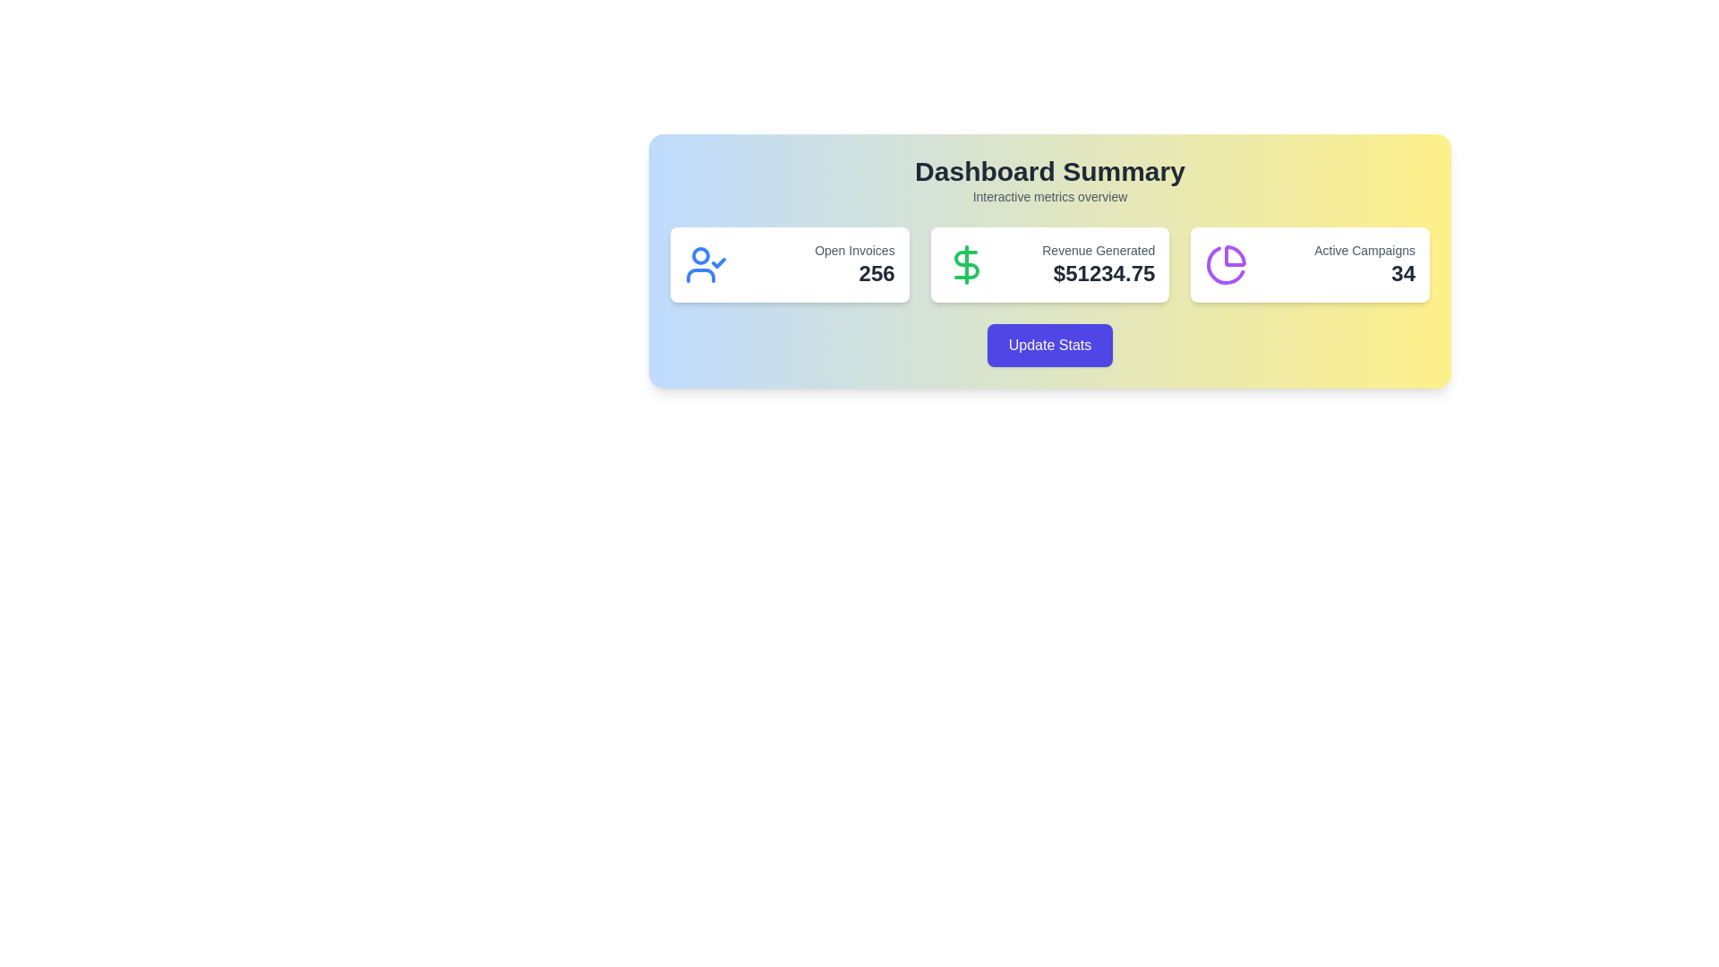  I want to click on the Text display element that shows the summary count of open invoices in the dashboard interface, located under the 'Dashboard Summary' title, so click(853, 265).